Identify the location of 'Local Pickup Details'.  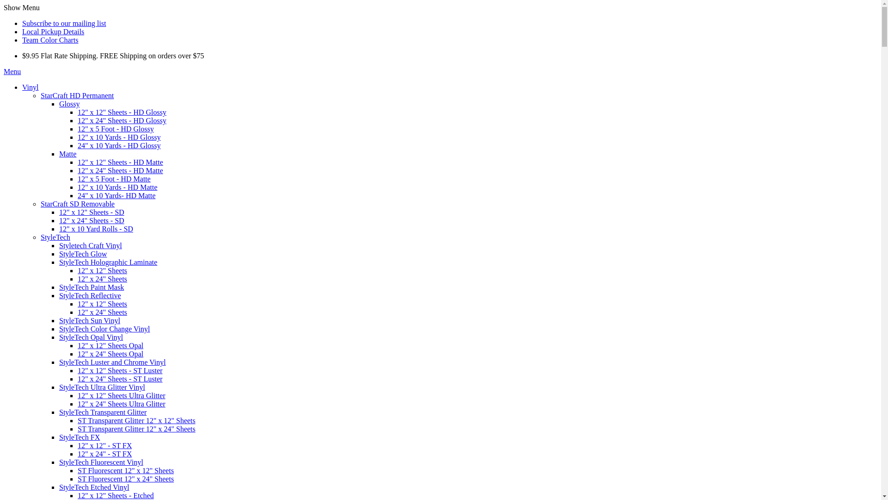
(53, 31).